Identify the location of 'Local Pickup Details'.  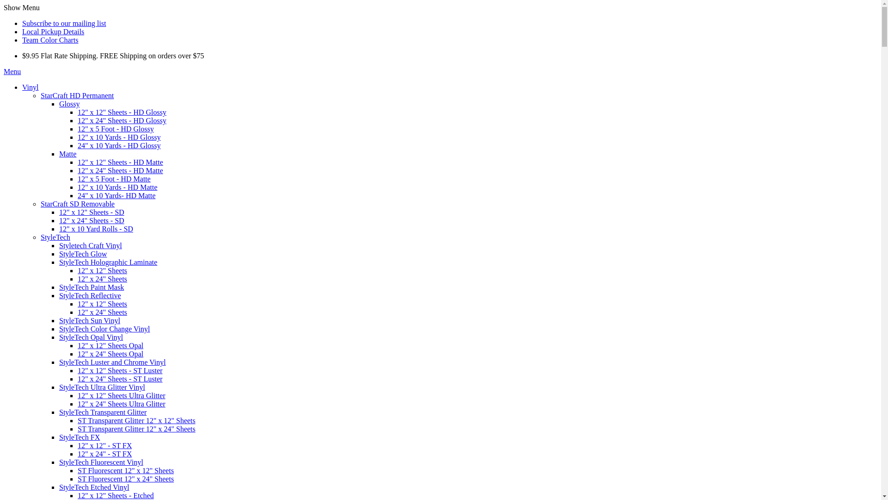
(53, 31).